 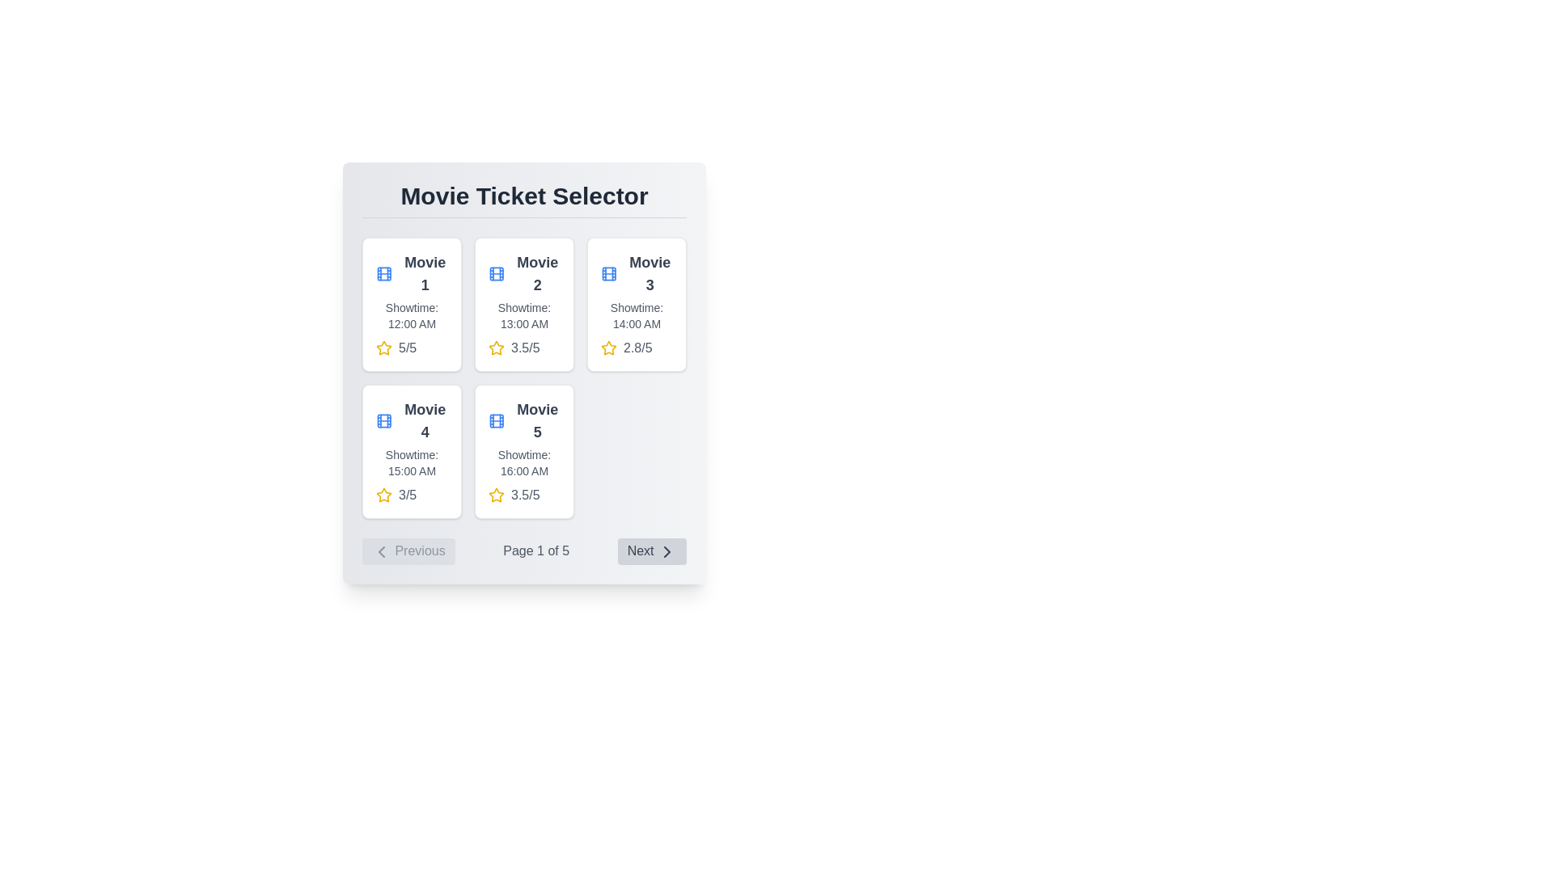 What do you see at coordinates (608, 347) in the screenshot?
I see `the third star icon in the rating component for 'Movie 3'` at bounding box center [608, 347].